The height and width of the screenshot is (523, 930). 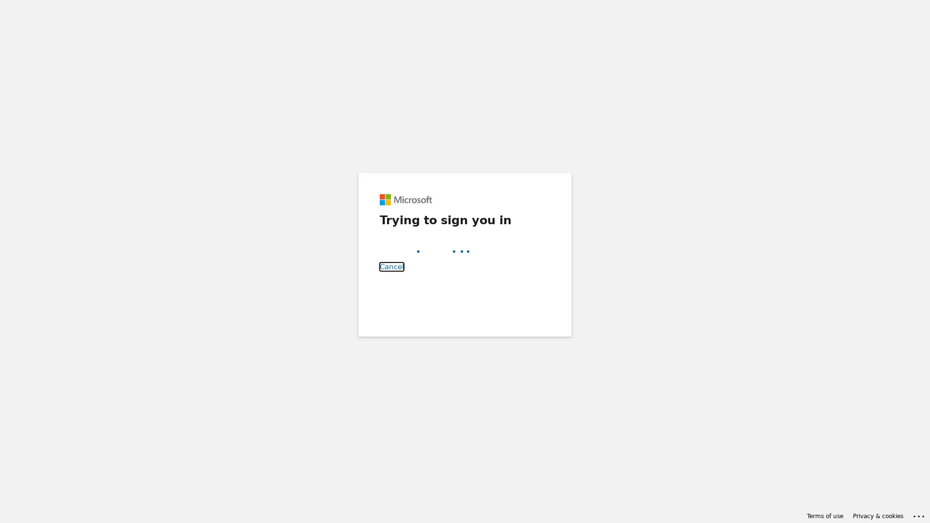 What do you see at coordinates (465, 341) in the screenshot?
I see `Sign-in options` at bounding box center [465, 341].